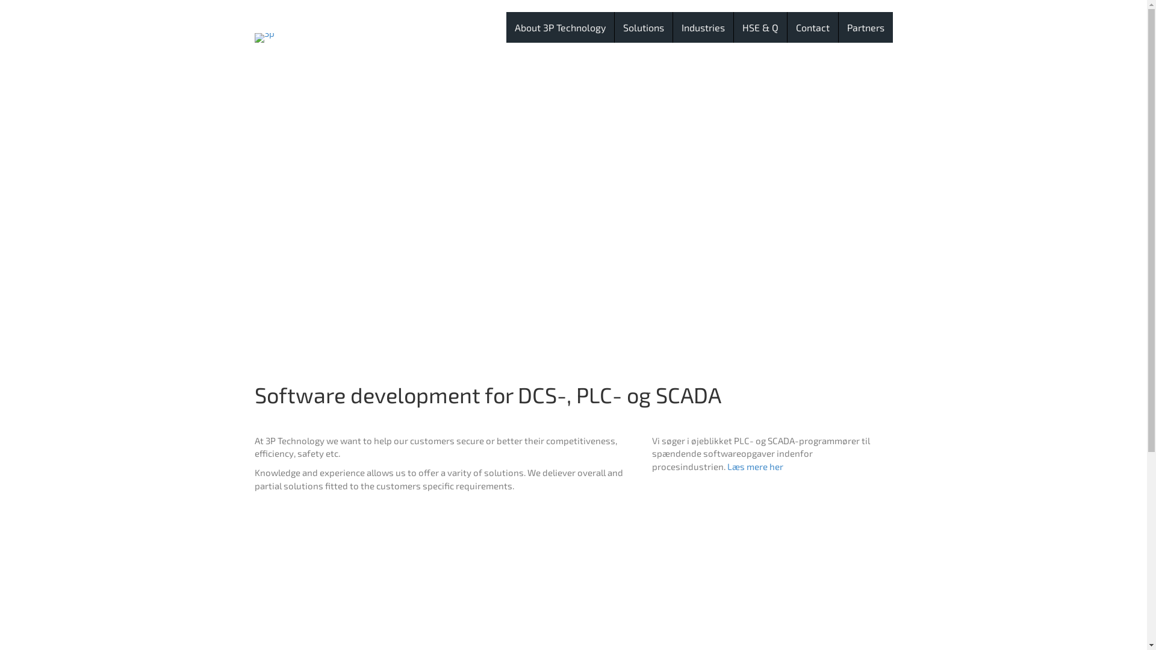 The width and height of the screenshot is (1156, 650). What do you see at coordinates (864, 27) in the screenshot?
I see `'Partners'` at bounding box center [864, 27].